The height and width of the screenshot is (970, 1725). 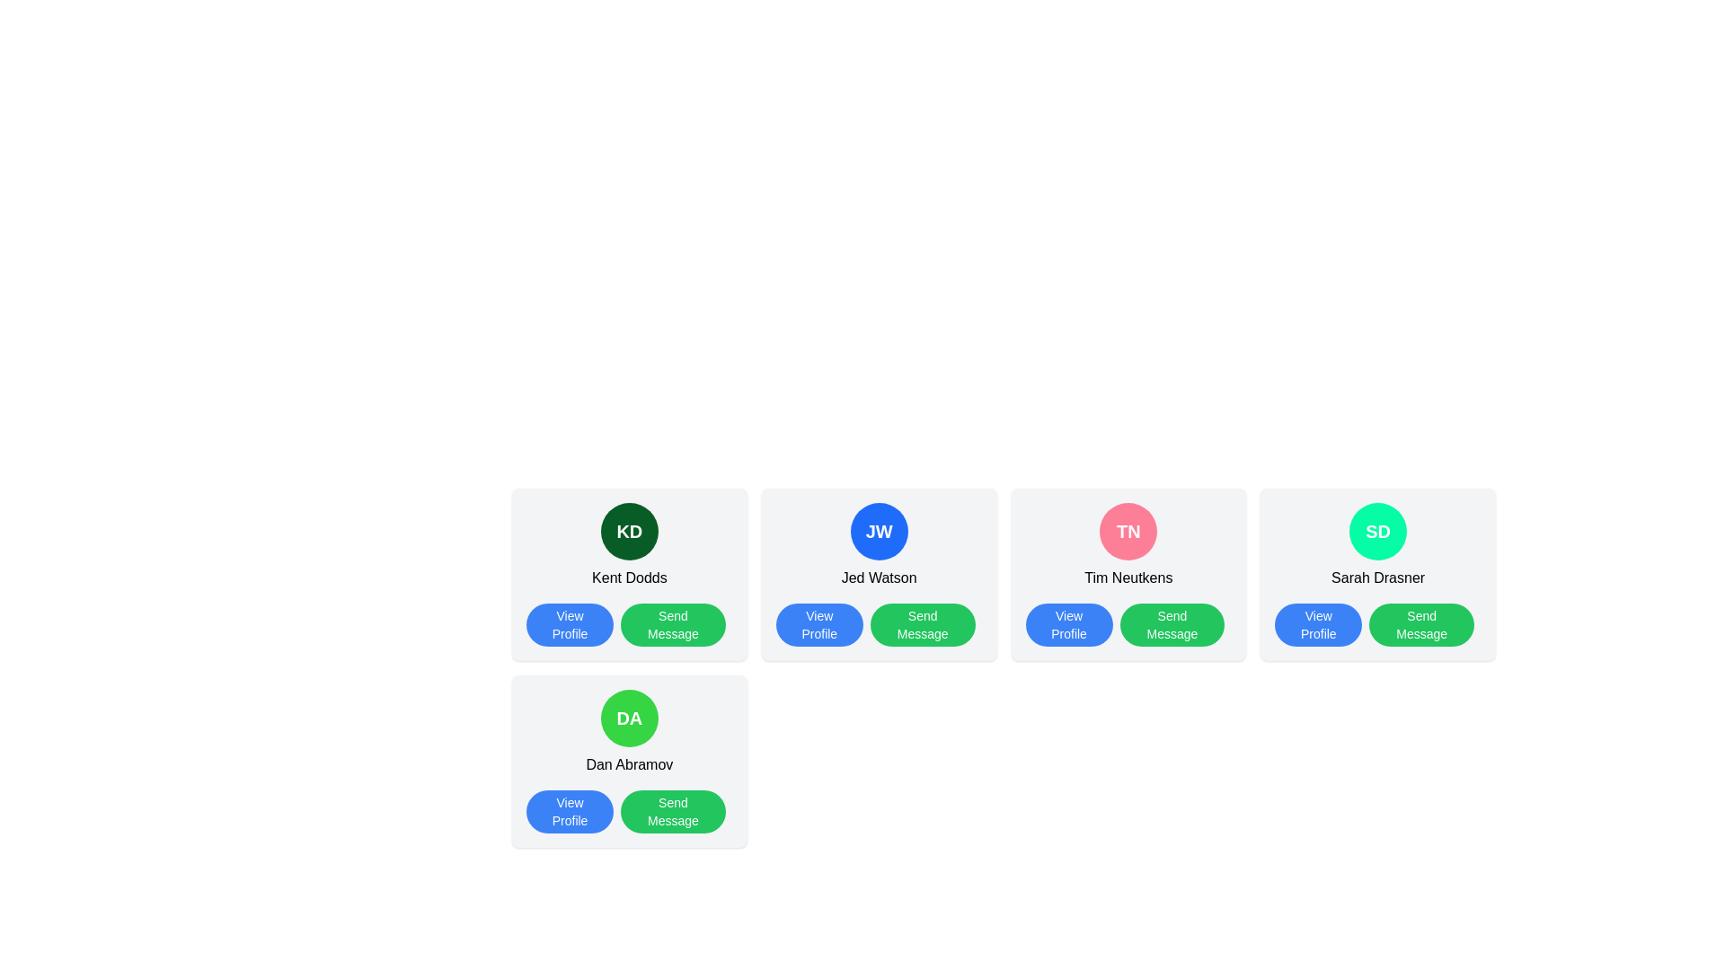 What do you see at coordinates (923, 623) in the screenshot?
I see `the green button labeled 'Send Message' located in the second card under 'Jed Watson'` at bounding box center [923, 623].